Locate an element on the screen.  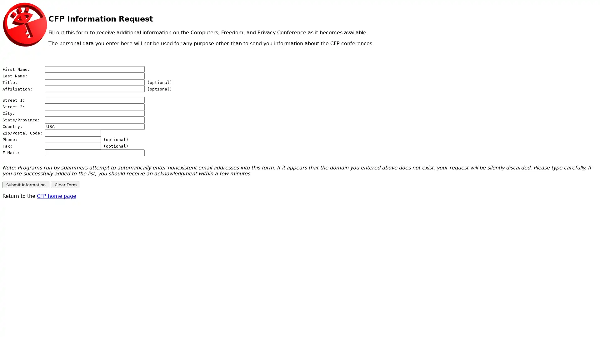
Clear Form is located at coordinates (65, 184).